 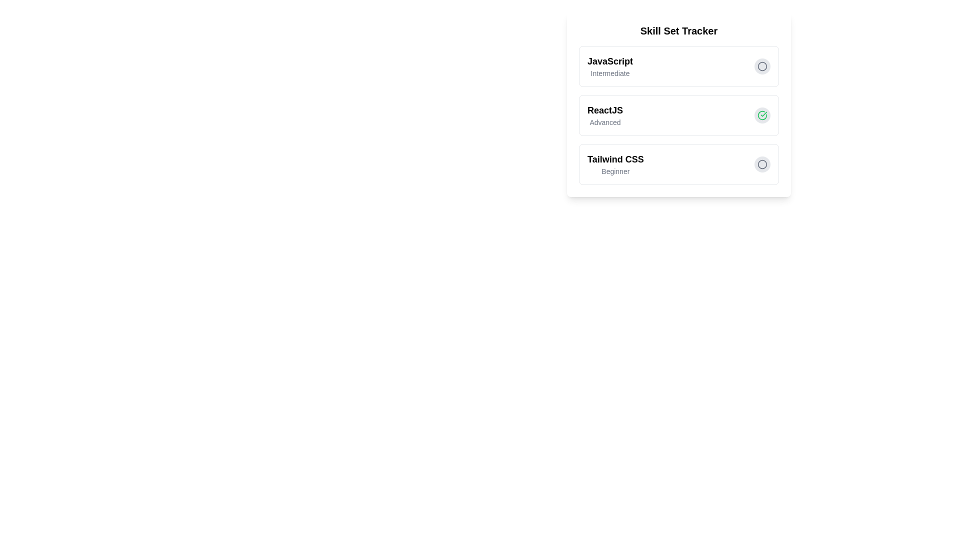 What do you see at coordinates (762, 115) in the screenshot?
I see `the button located towards the right end of the entry for the 'ReactJS' skill` at bounding box center [762, 115].